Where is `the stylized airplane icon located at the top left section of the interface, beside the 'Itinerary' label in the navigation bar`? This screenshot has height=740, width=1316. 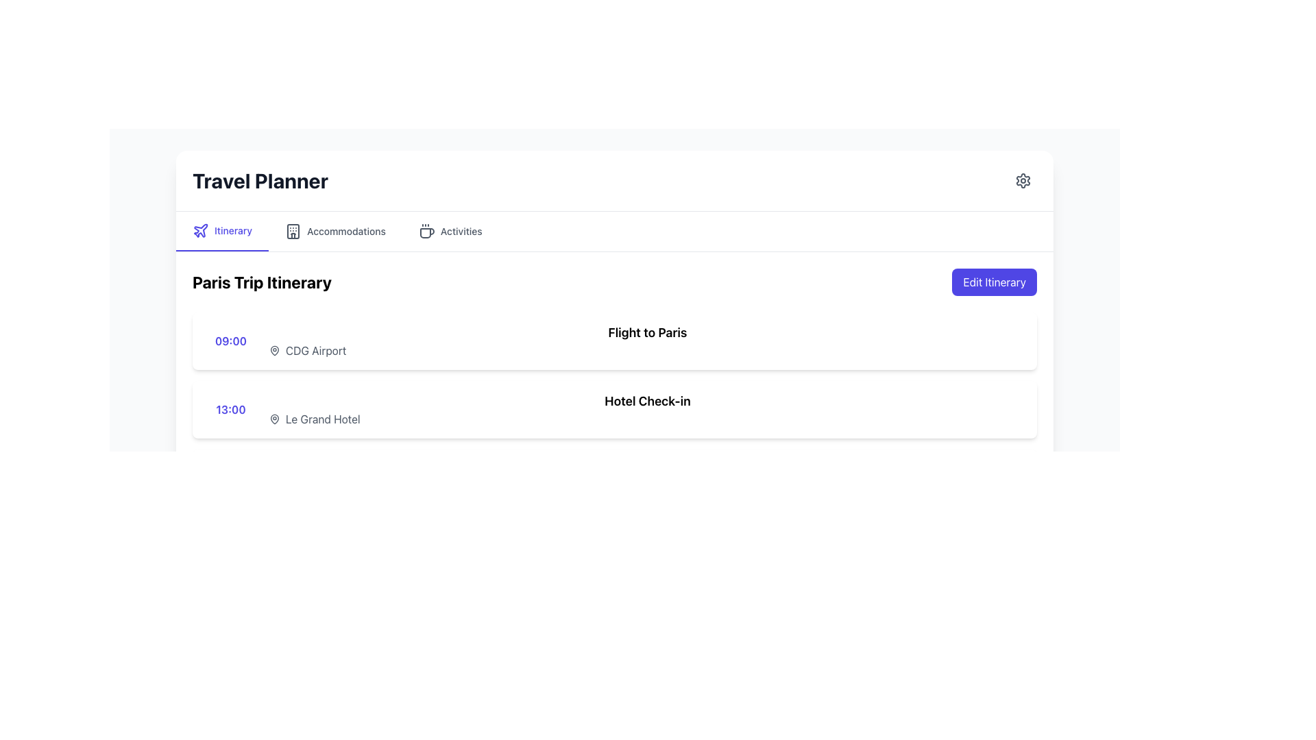
the stylized airplane icon located at the top left section of the interface, beside the 'Itinerary' label in the navigation bar is located at coordinates (200, 230).